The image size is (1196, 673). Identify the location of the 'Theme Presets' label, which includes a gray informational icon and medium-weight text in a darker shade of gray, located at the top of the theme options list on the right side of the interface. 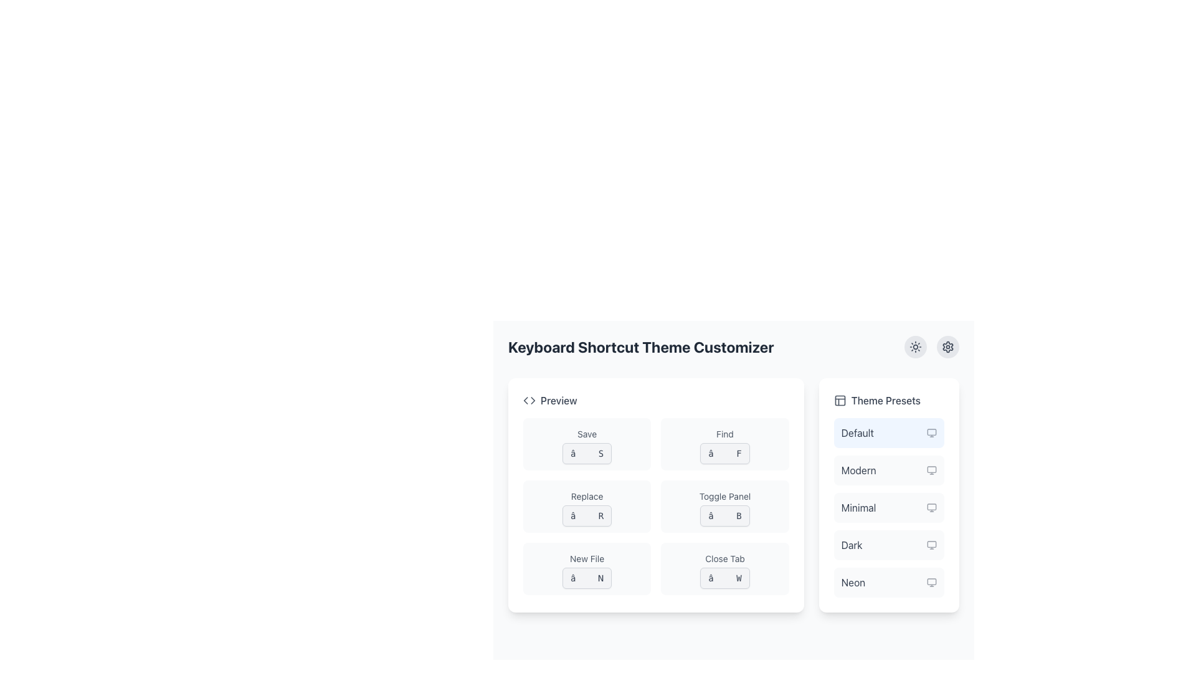
(888, 401).